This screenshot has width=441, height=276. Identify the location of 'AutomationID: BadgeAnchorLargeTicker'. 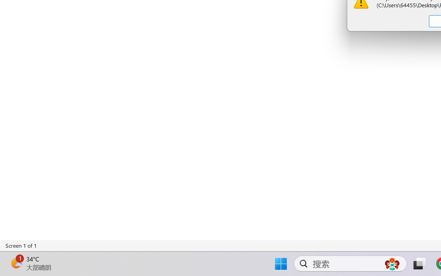
(16, 263).